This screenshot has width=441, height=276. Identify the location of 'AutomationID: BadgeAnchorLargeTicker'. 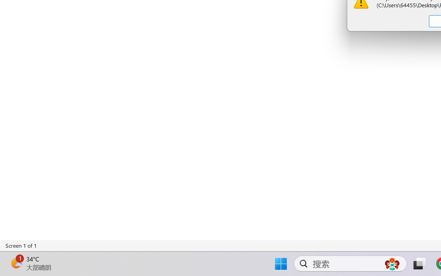
(16, 263).